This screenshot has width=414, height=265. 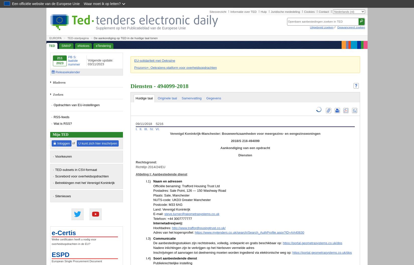 I want to click on 'II.2.7)', so click(x=146, y=115).